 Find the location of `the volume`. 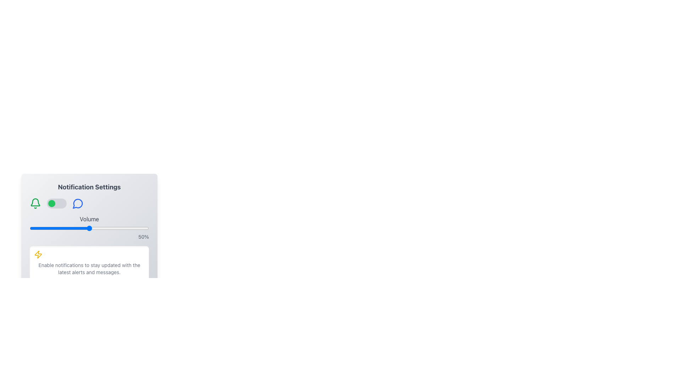

the volume is located at coordinates (101, 228).